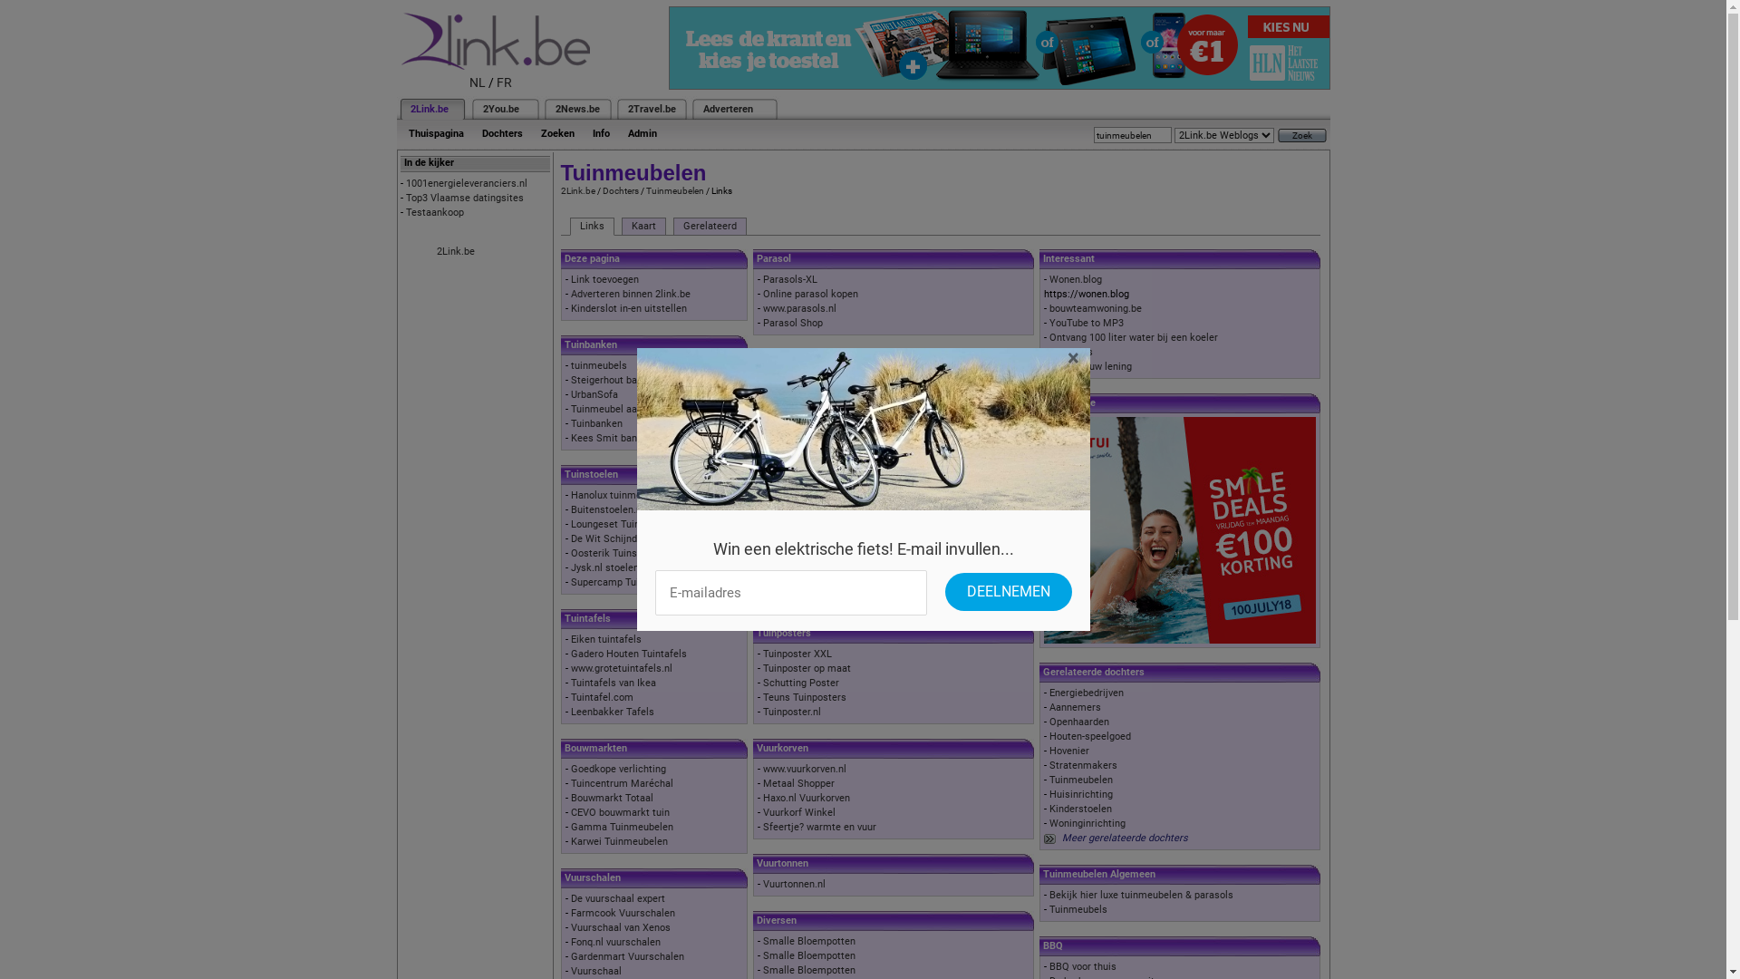 The width and height of the screenshot is (1740, 979). Describe the element at coordinates (1075, 279) in the screenshot. I see `'Wonen.blog'` at that location.